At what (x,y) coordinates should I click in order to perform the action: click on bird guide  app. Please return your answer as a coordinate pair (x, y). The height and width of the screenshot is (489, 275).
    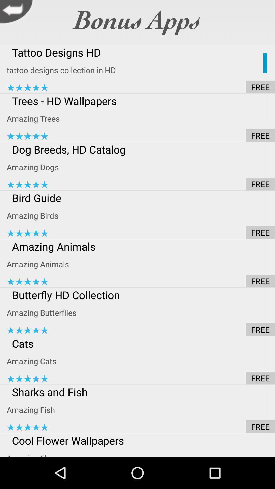
    Looking at the image, I should click on (141, 198).